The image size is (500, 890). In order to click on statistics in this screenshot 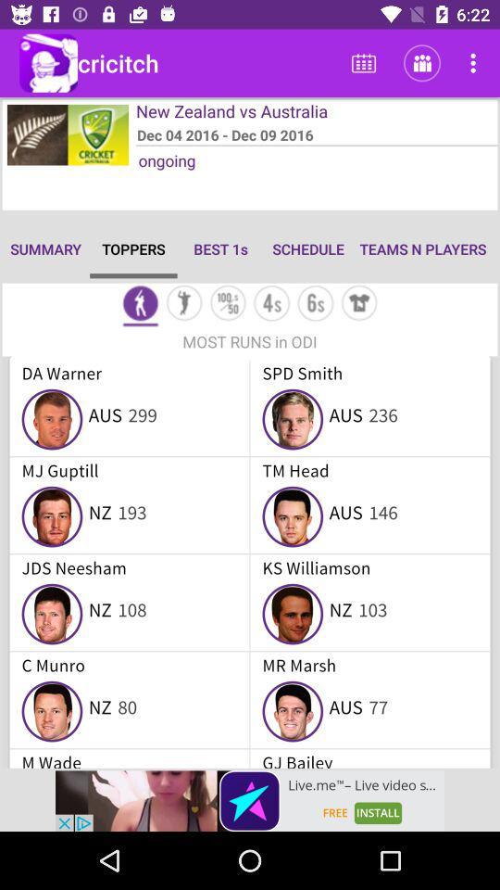, I will do `click(228, 305)`.